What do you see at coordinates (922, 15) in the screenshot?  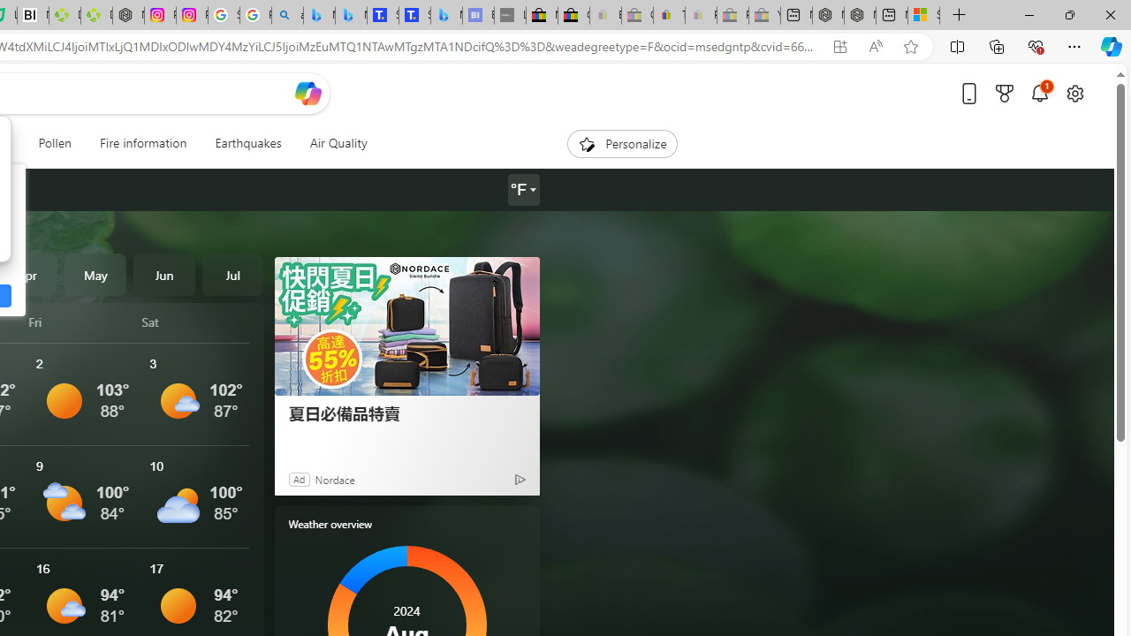 I see `'Sign in to your Microsoft account'` at bounding box center [922, 15].